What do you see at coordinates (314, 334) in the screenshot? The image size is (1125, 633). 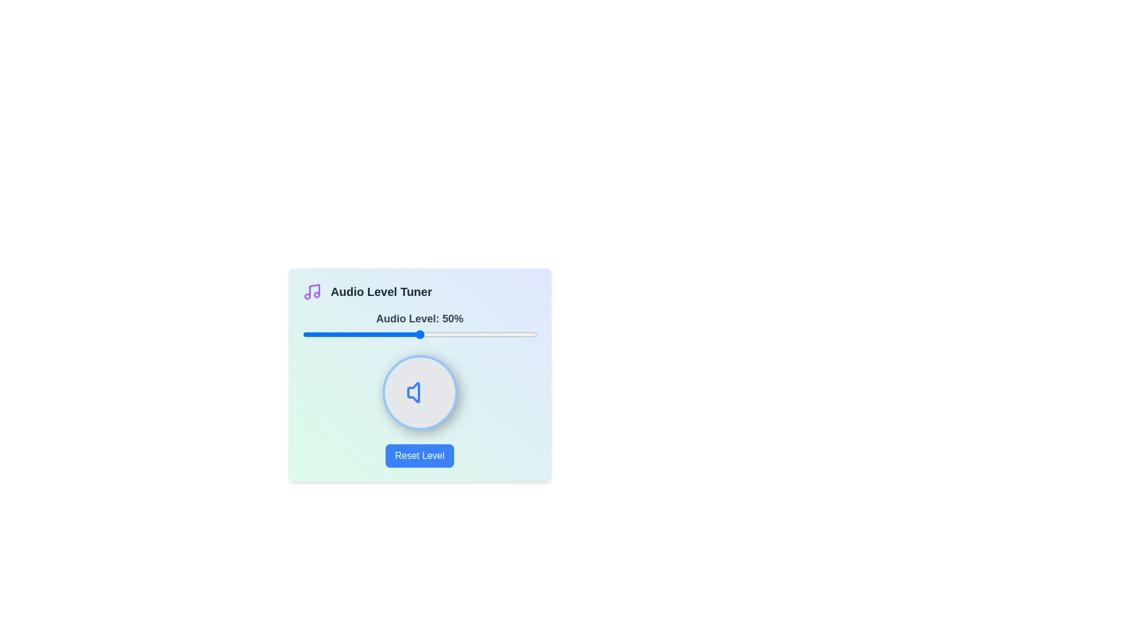 I see `the audio level to 5% by dragging the slider` at bounding box center [314, 334].